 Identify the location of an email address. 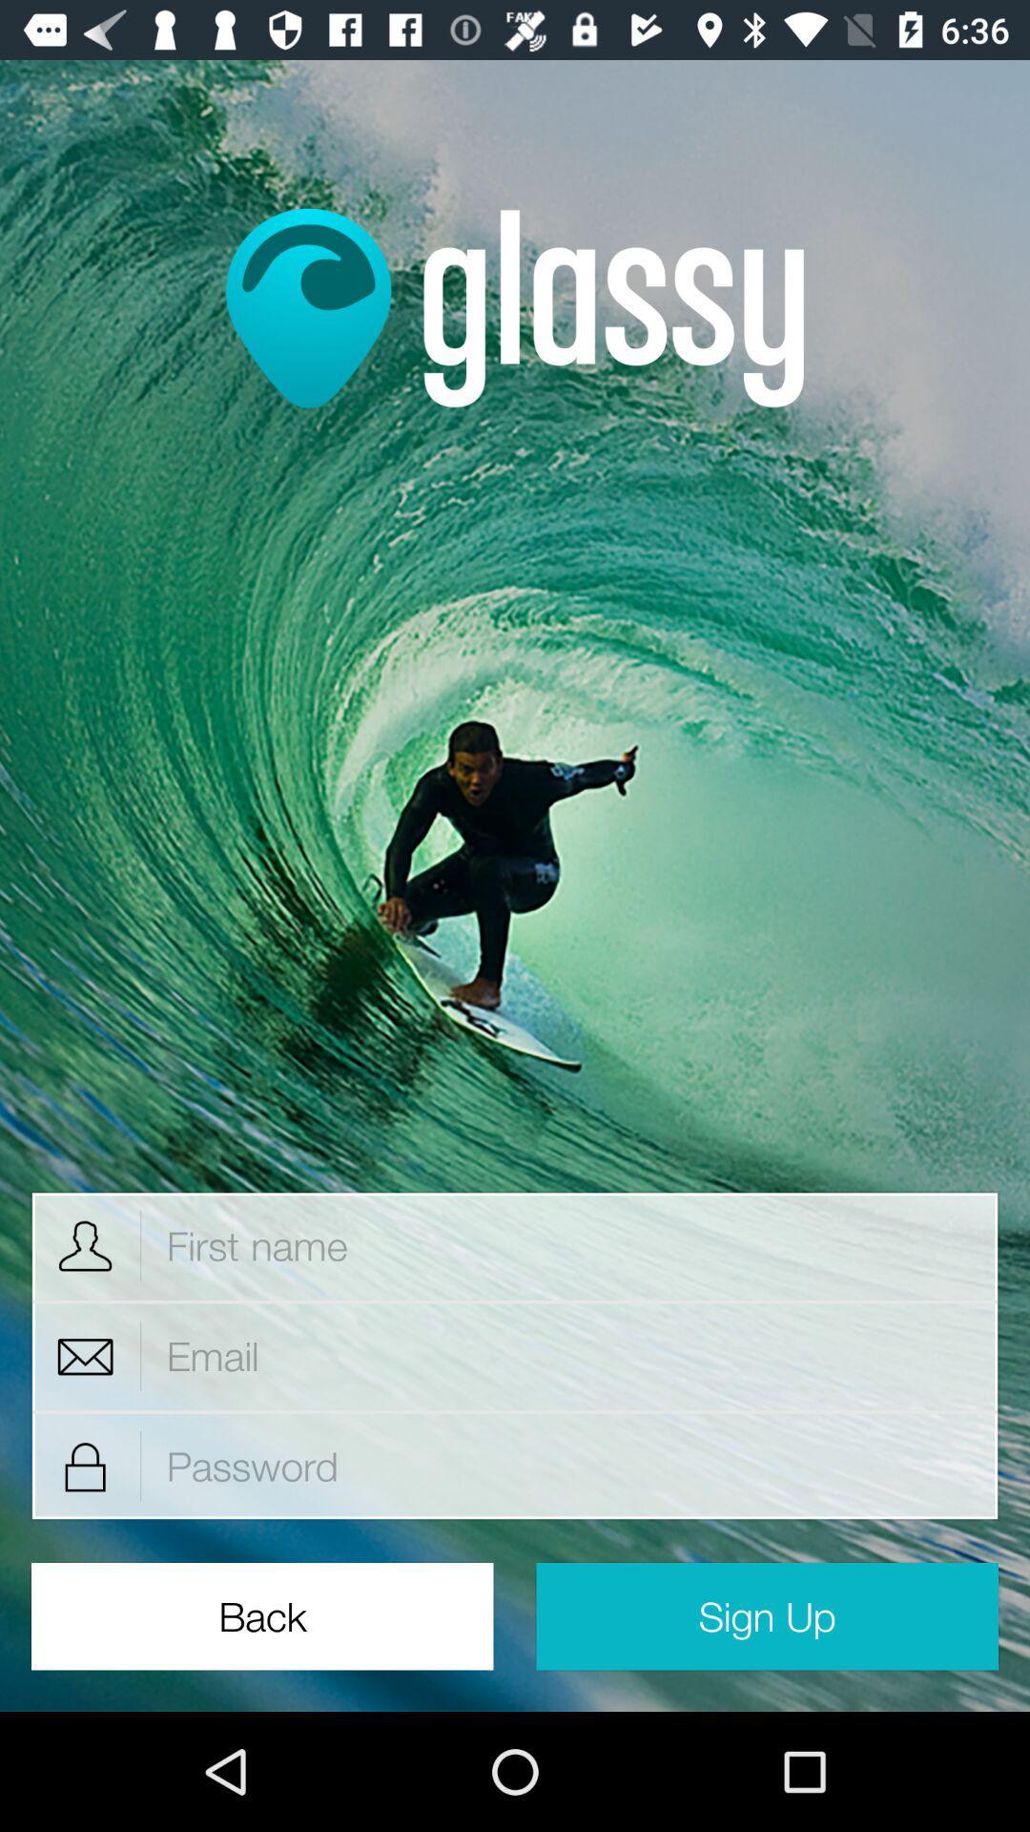
(569, 1355).